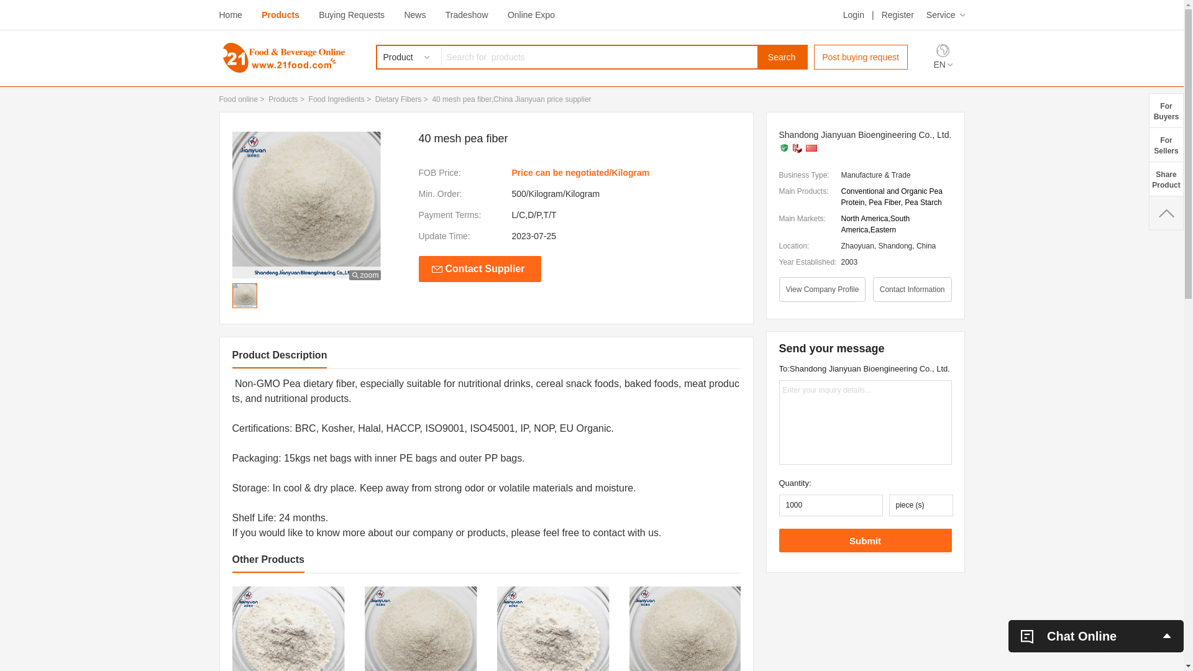  Describe the element at coordinates (860, 57) in the screenshot. I see `'Post buying request'` at that location.